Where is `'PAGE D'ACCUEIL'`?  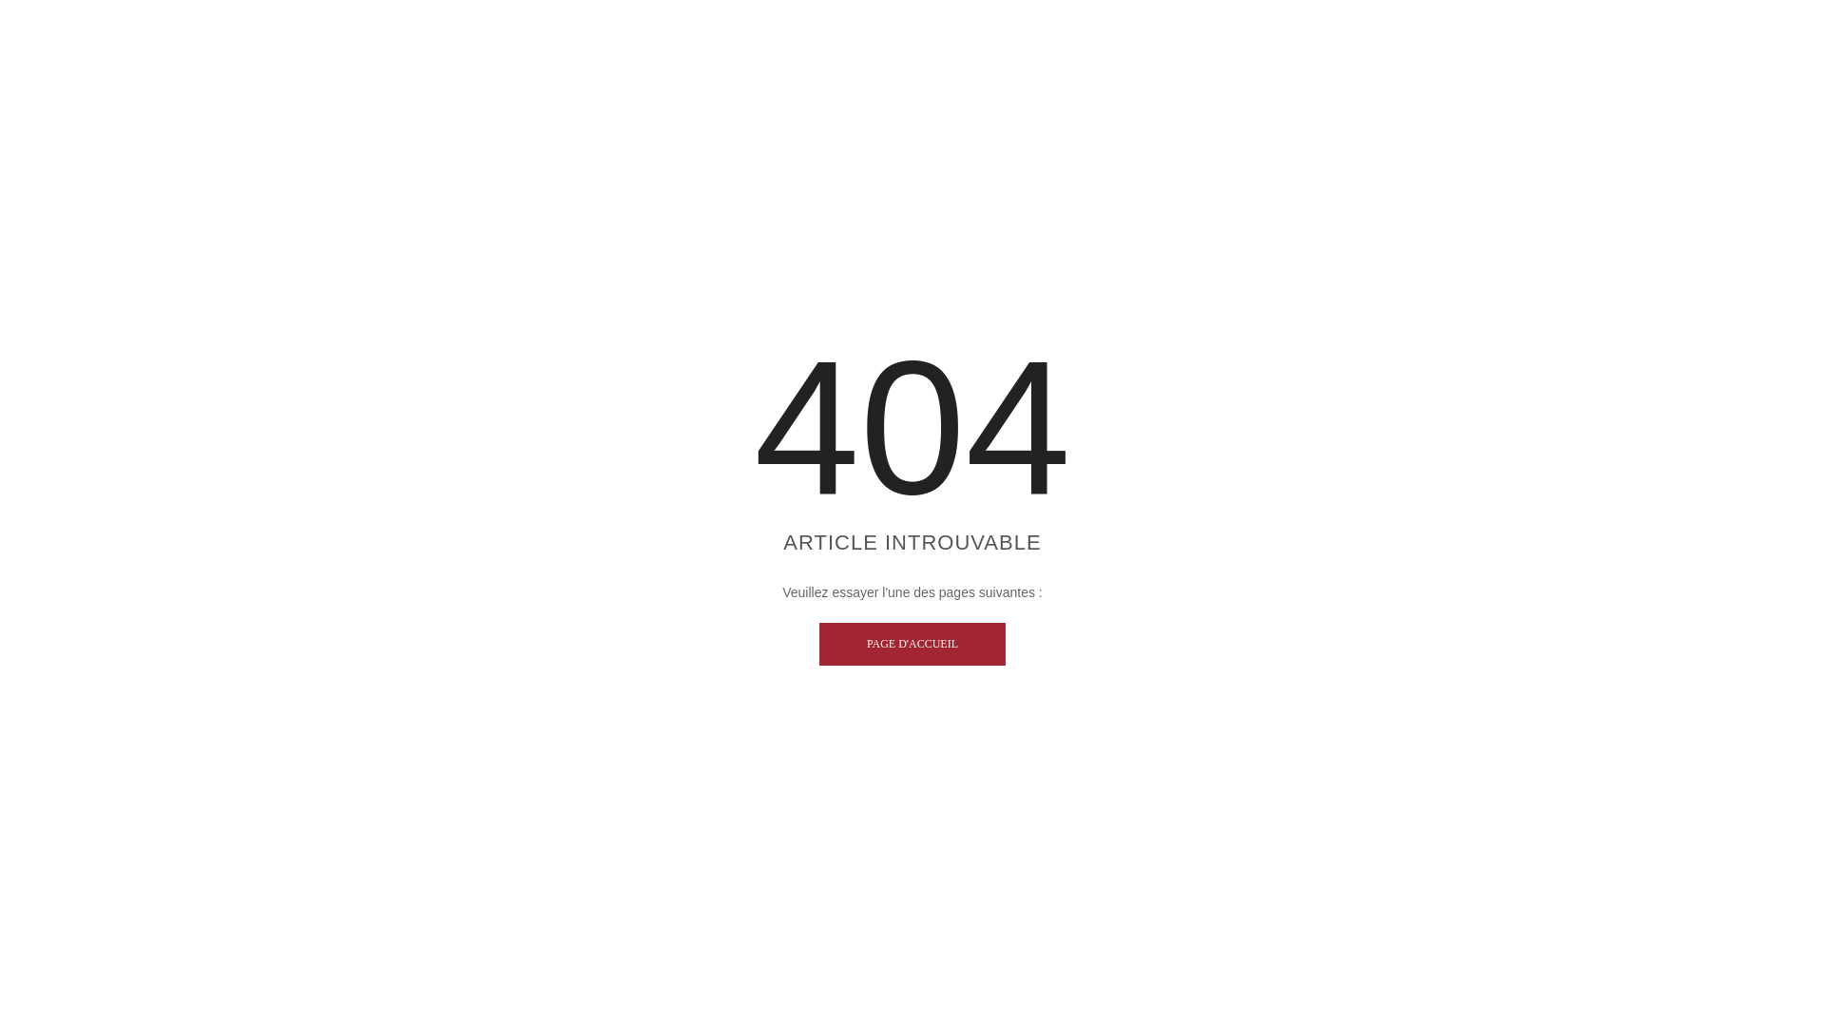
'PAGE D'ACCUEIL' is located at coordinates (912, 643).